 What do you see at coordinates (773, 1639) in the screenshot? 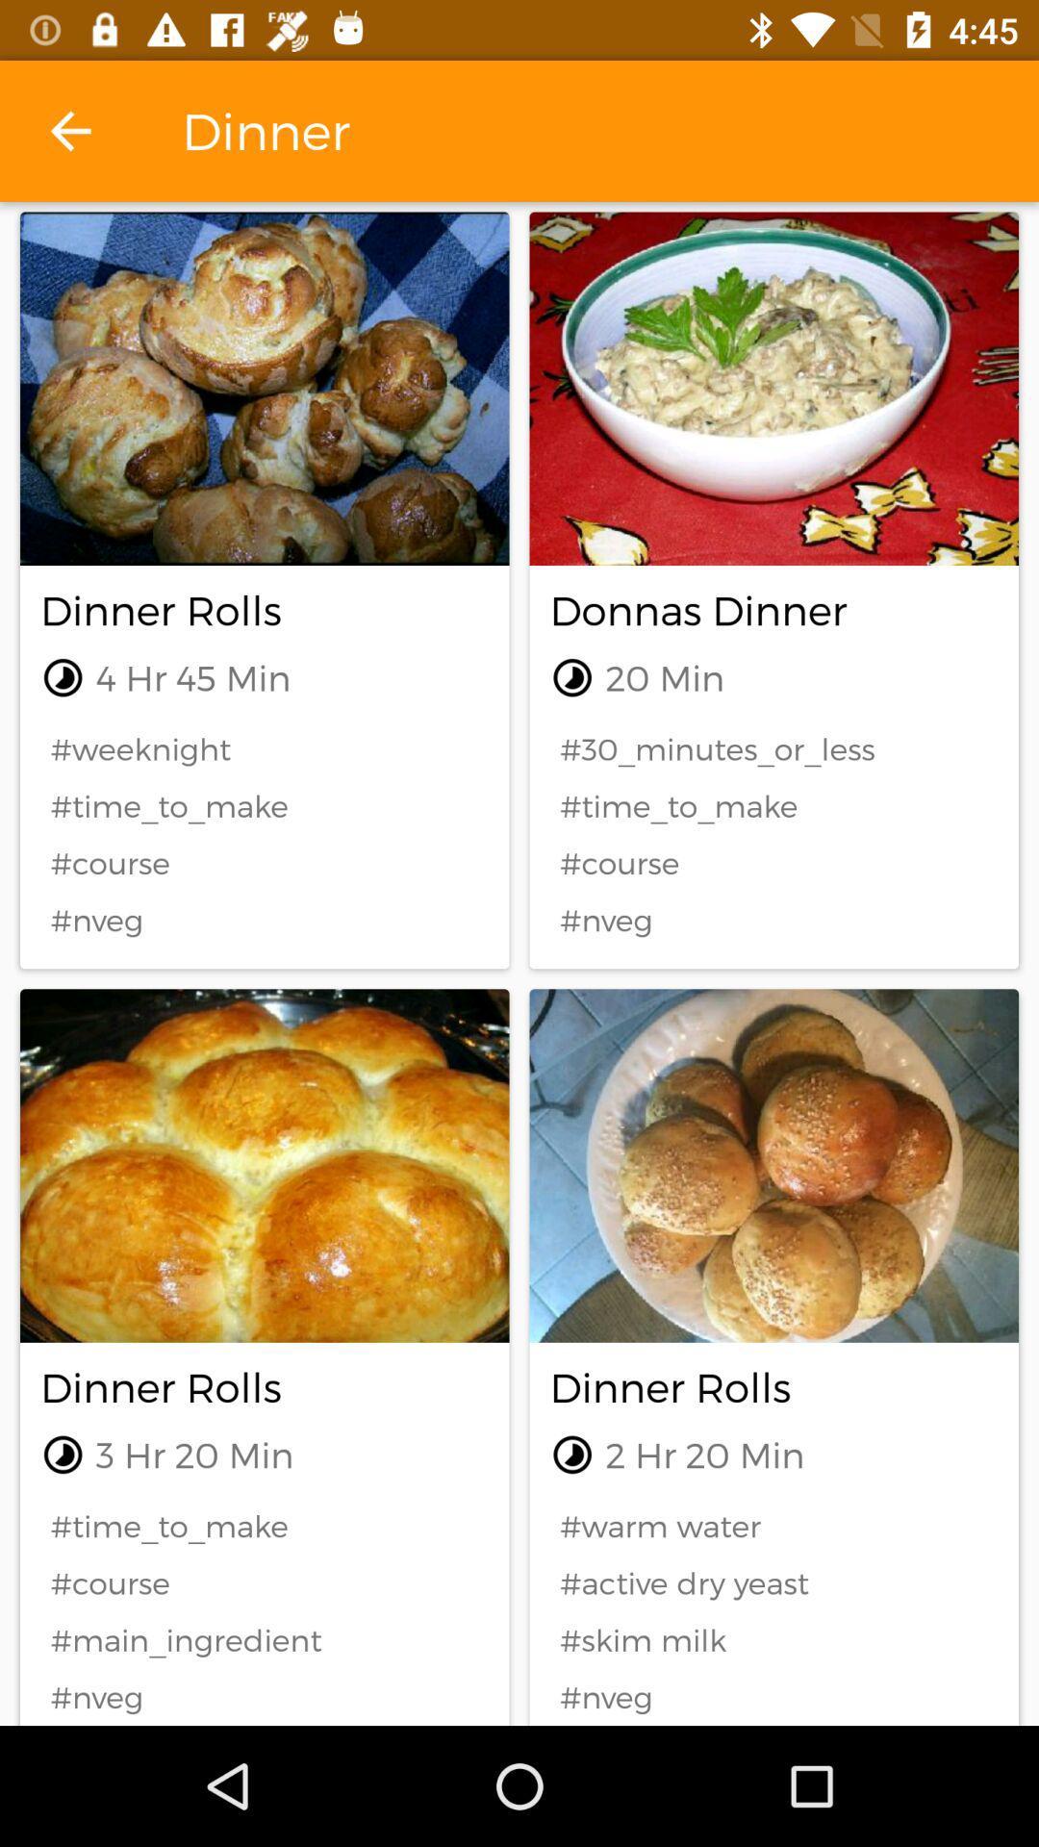
I see `the item to the right of the #course` at bounding box center [773, 1639].